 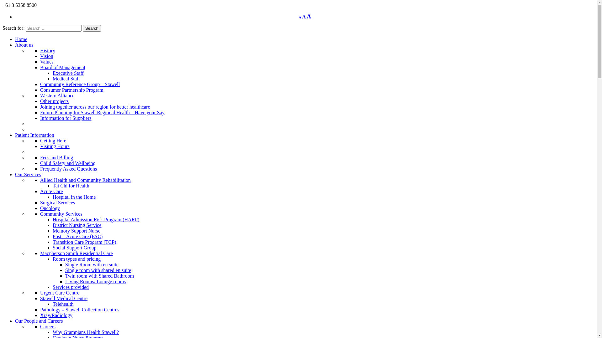 What do you see at coordinates (47, 50) in the screenshot?
I see `'History'` at bounding box center [47, 50].